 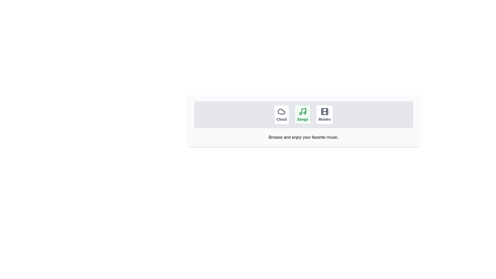 What do you see at coordinates (303, 114) in the screenshot?
I see `the music navigation button located between the 'Cloud' and 'Movies' buttons` at bounding box center [303, 114].